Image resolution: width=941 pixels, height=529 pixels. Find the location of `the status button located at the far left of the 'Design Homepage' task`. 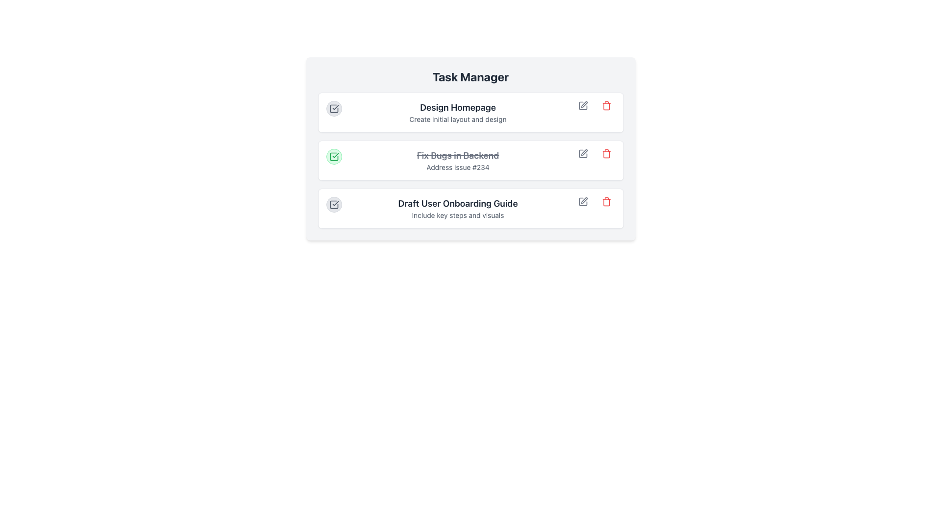

the status button located at the far left of the 'Design Homepage' task is located at coordinates (334, 109).